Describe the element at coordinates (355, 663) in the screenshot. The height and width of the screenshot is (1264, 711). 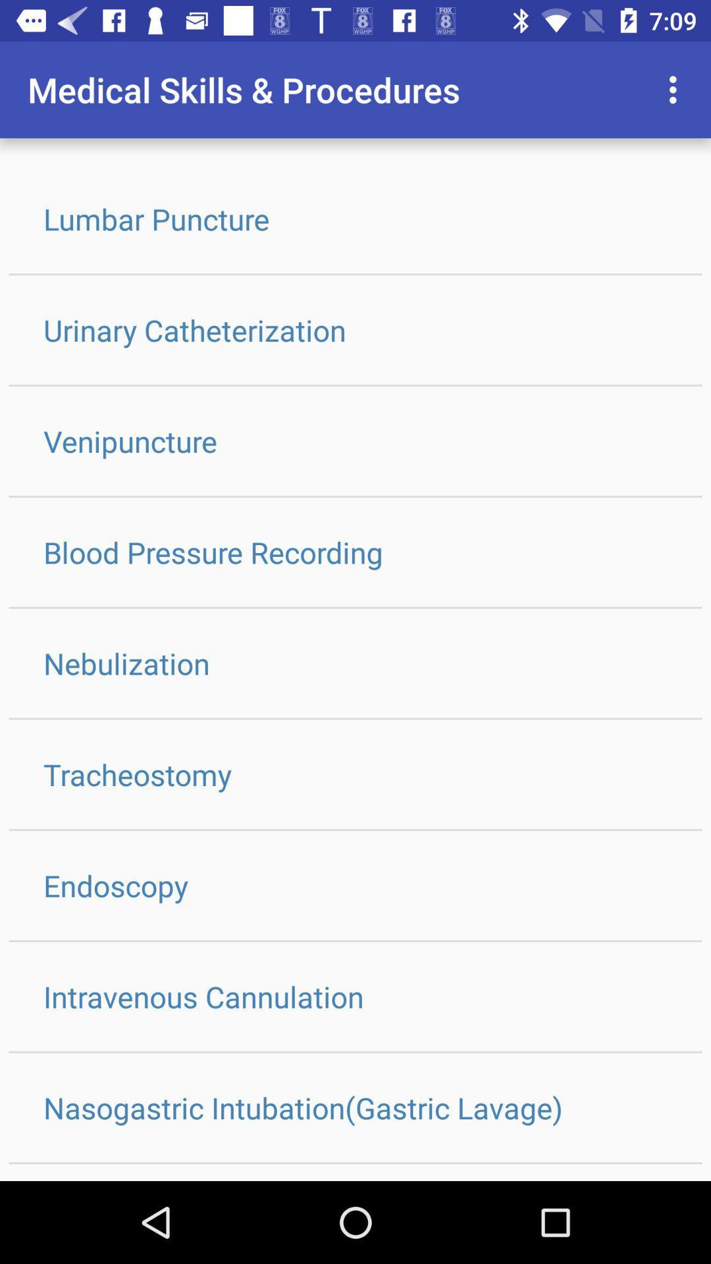
I see `the icon below the blood pressure recording` at that location.